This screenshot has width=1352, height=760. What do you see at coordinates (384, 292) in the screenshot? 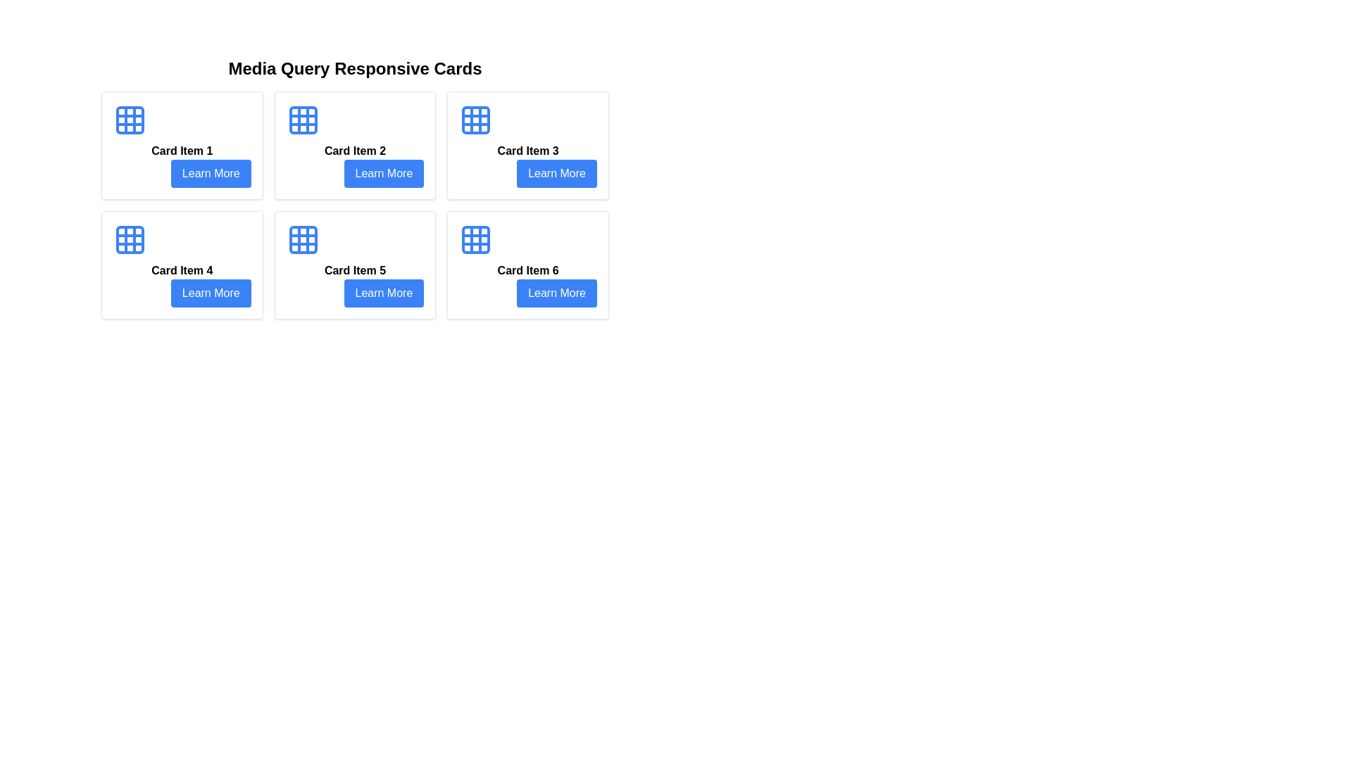
I see `the button located in the lower-right corner of 'Card Item 5'` at bounding box center [384, 292].